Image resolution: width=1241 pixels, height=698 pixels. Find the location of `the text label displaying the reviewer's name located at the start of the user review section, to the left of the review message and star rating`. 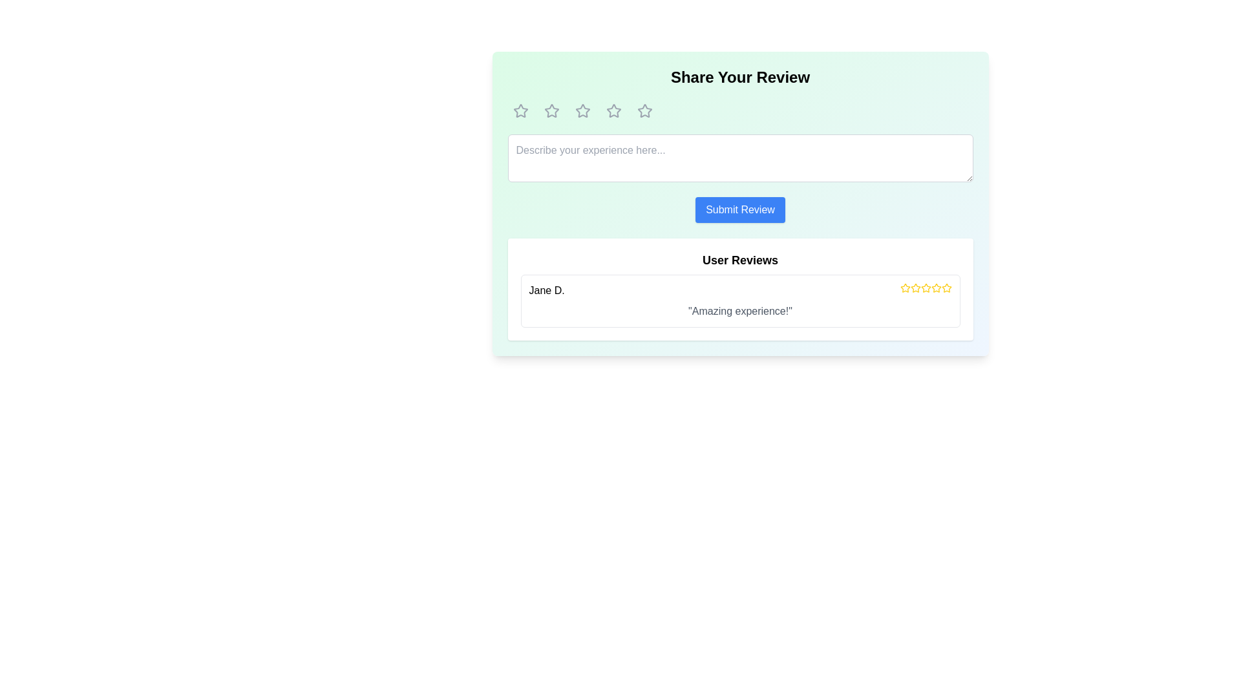

the text label displaying the reviewer's name located at the start of the user review section, to the left of the review message and star rating is located at coordinates (547, 291).